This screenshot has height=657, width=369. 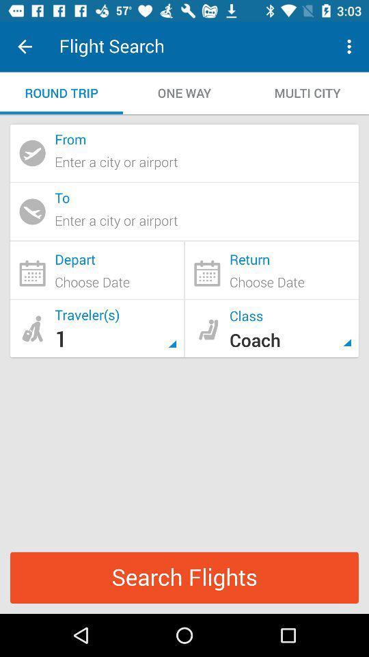 I want to click on the one way icon, so click(x=184, y=92).